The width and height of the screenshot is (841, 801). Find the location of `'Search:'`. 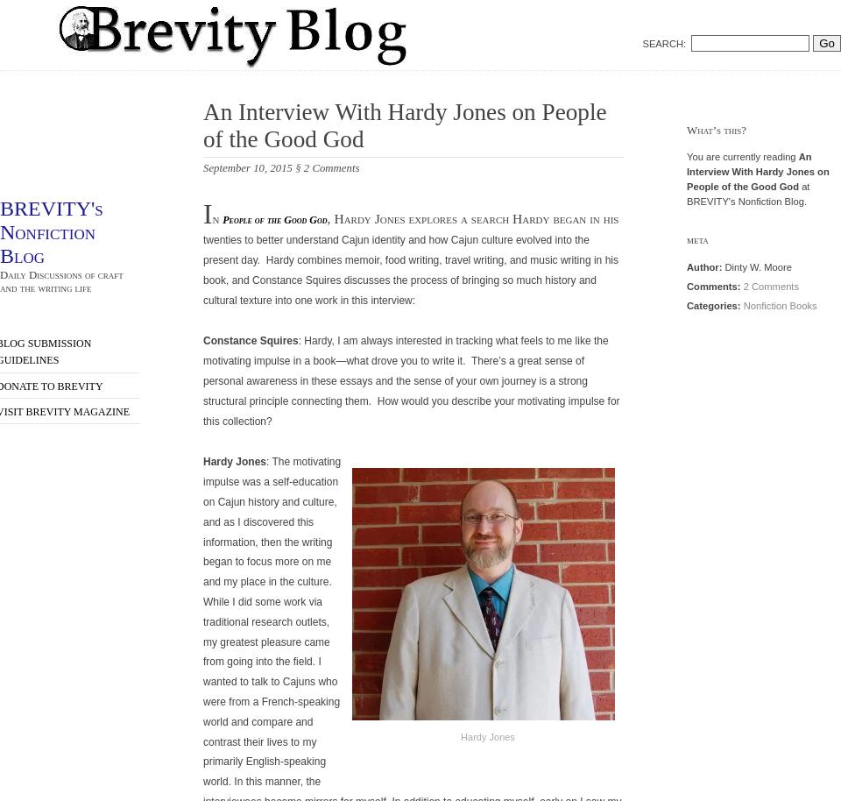

'Search:' is located at coordinates (663, 42).